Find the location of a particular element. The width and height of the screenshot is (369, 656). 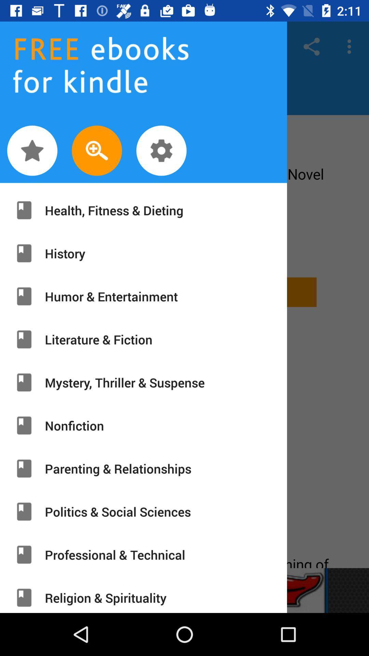

the share icon is located at coordinates (311, 46).